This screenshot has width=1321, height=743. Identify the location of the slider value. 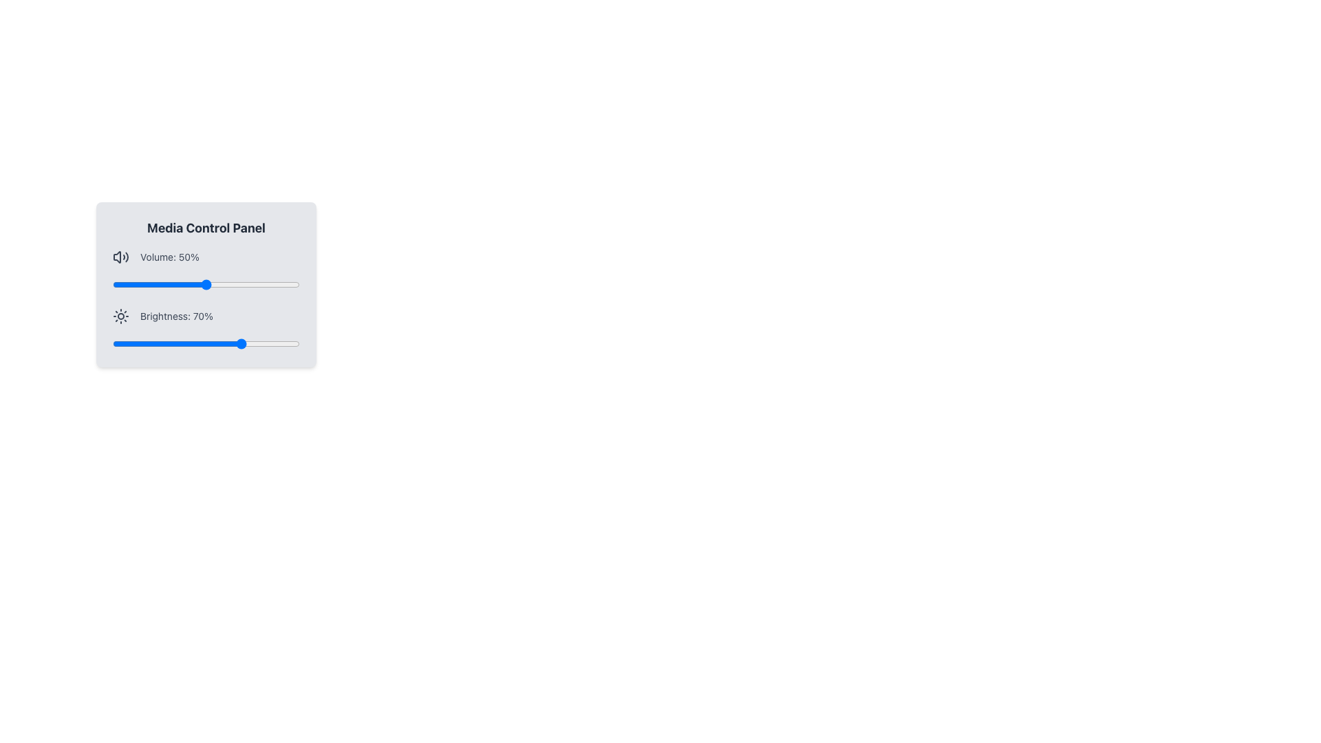
(142, 283).